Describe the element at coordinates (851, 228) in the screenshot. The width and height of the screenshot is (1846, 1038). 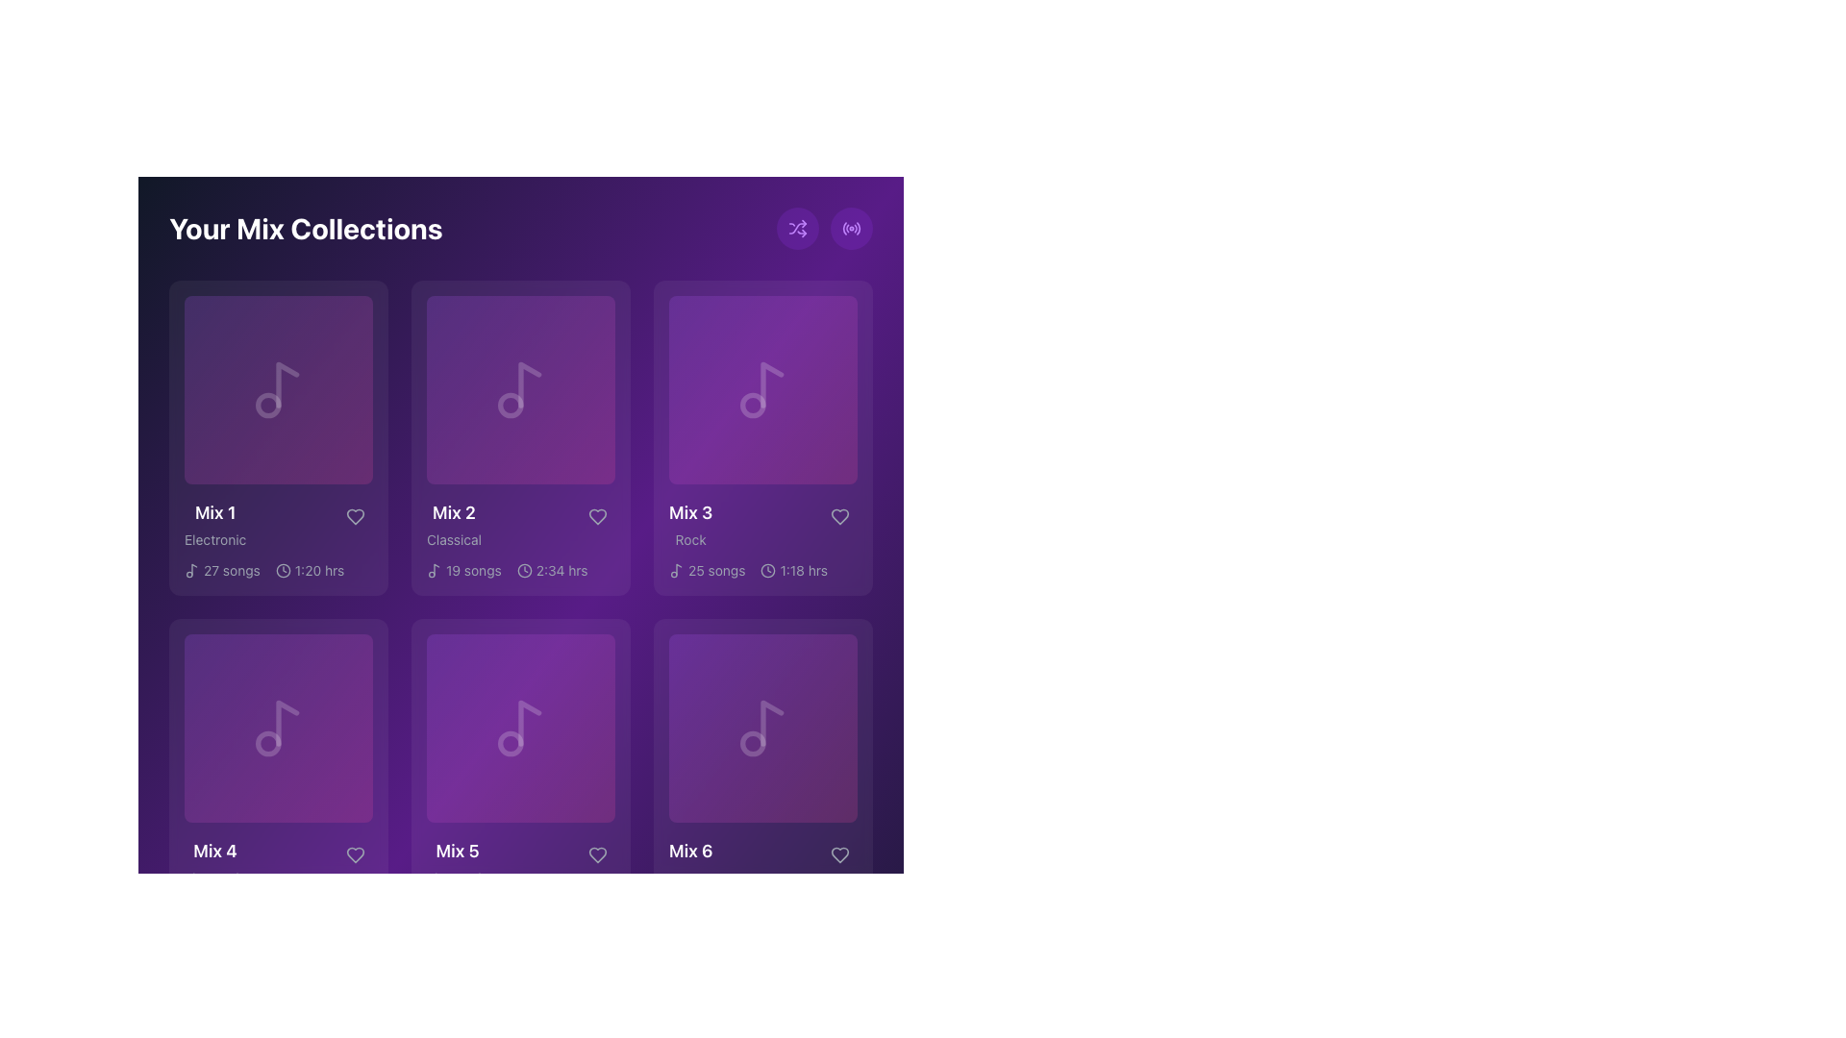
I see `the broadcasting button with an icon located in the top-right corner of the interface` at that location.